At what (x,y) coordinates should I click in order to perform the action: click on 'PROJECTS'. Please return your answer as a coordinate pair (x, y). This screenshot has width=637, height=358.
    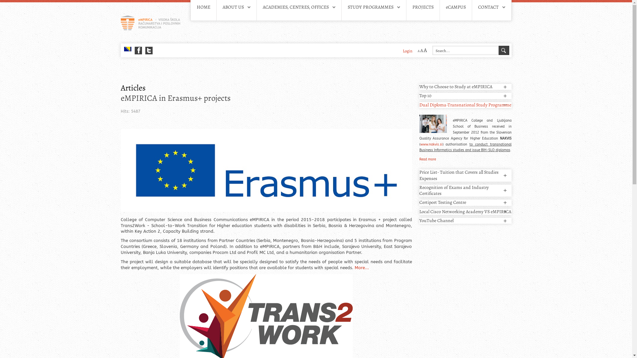
    Looking at the image, I should click on (422, 7).